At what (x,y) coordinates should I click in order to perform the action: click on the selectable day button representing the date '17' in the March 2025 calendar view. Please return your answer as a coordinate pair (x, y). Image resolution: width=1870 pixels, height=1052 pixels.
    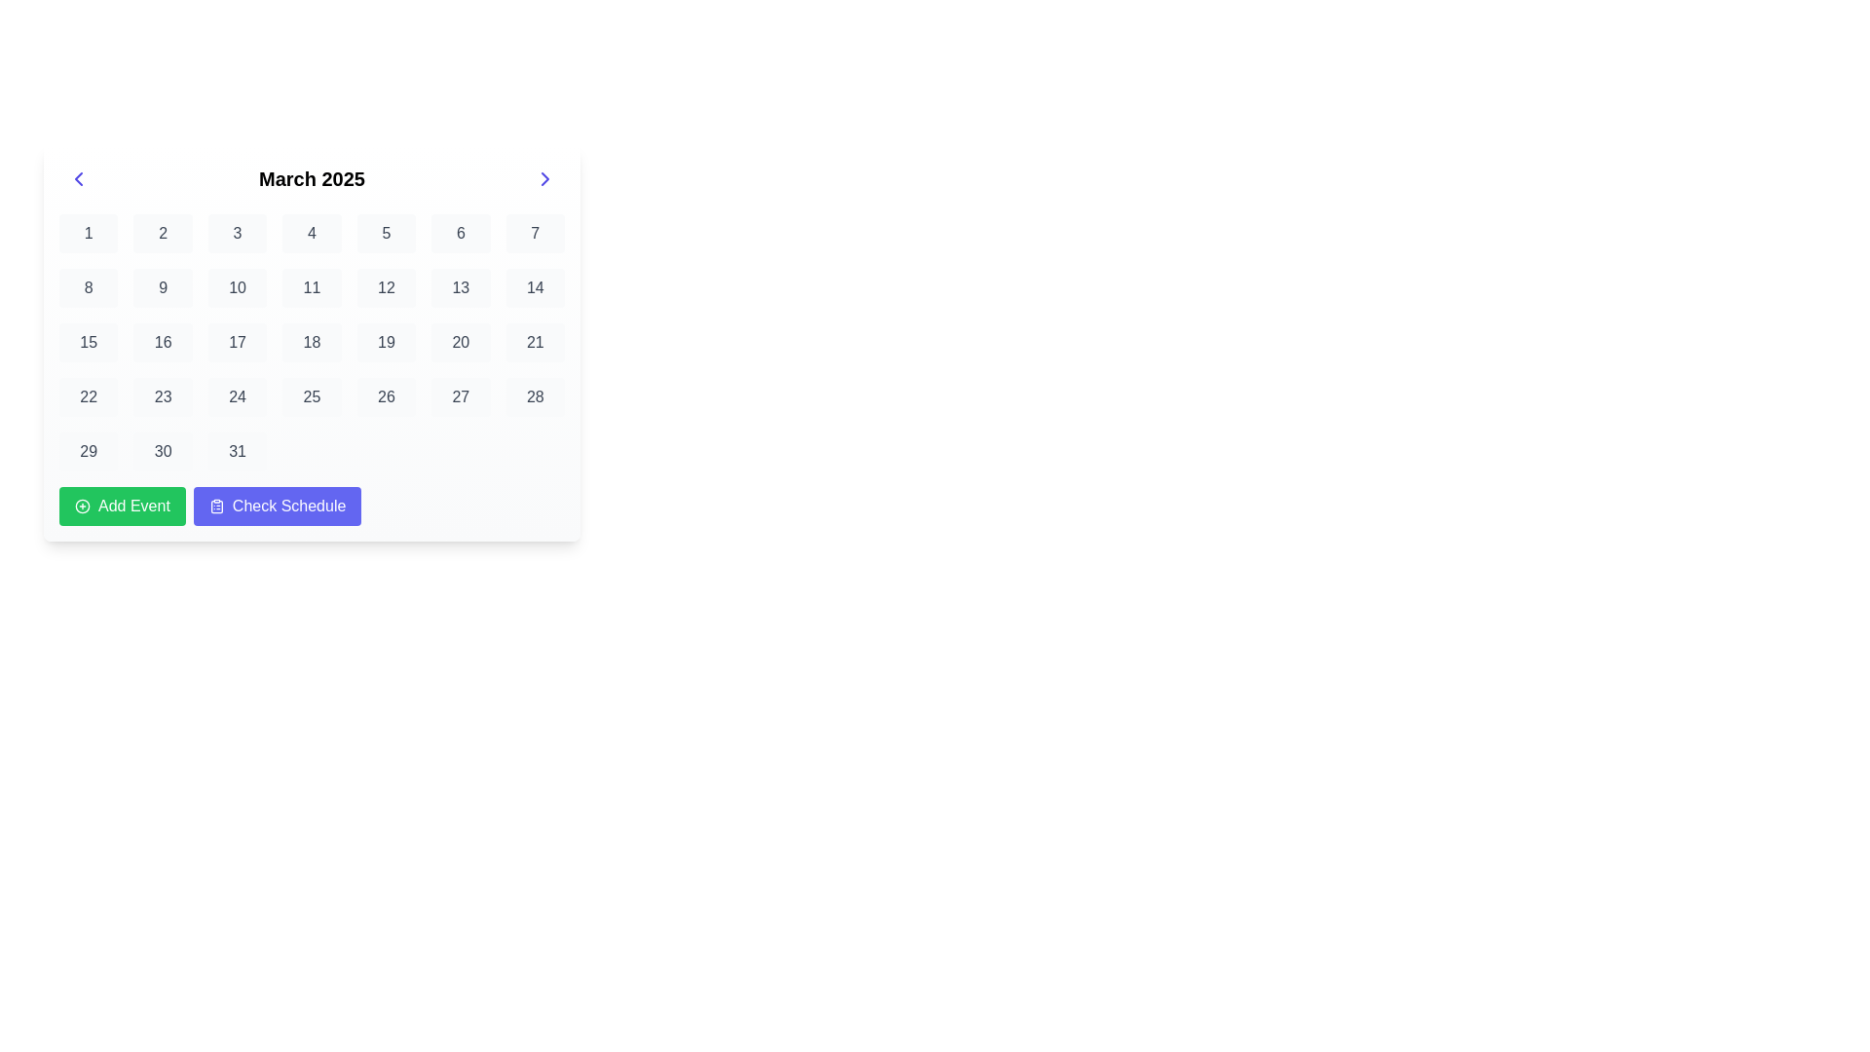
    Looking at the image, I should click on (237, 341).